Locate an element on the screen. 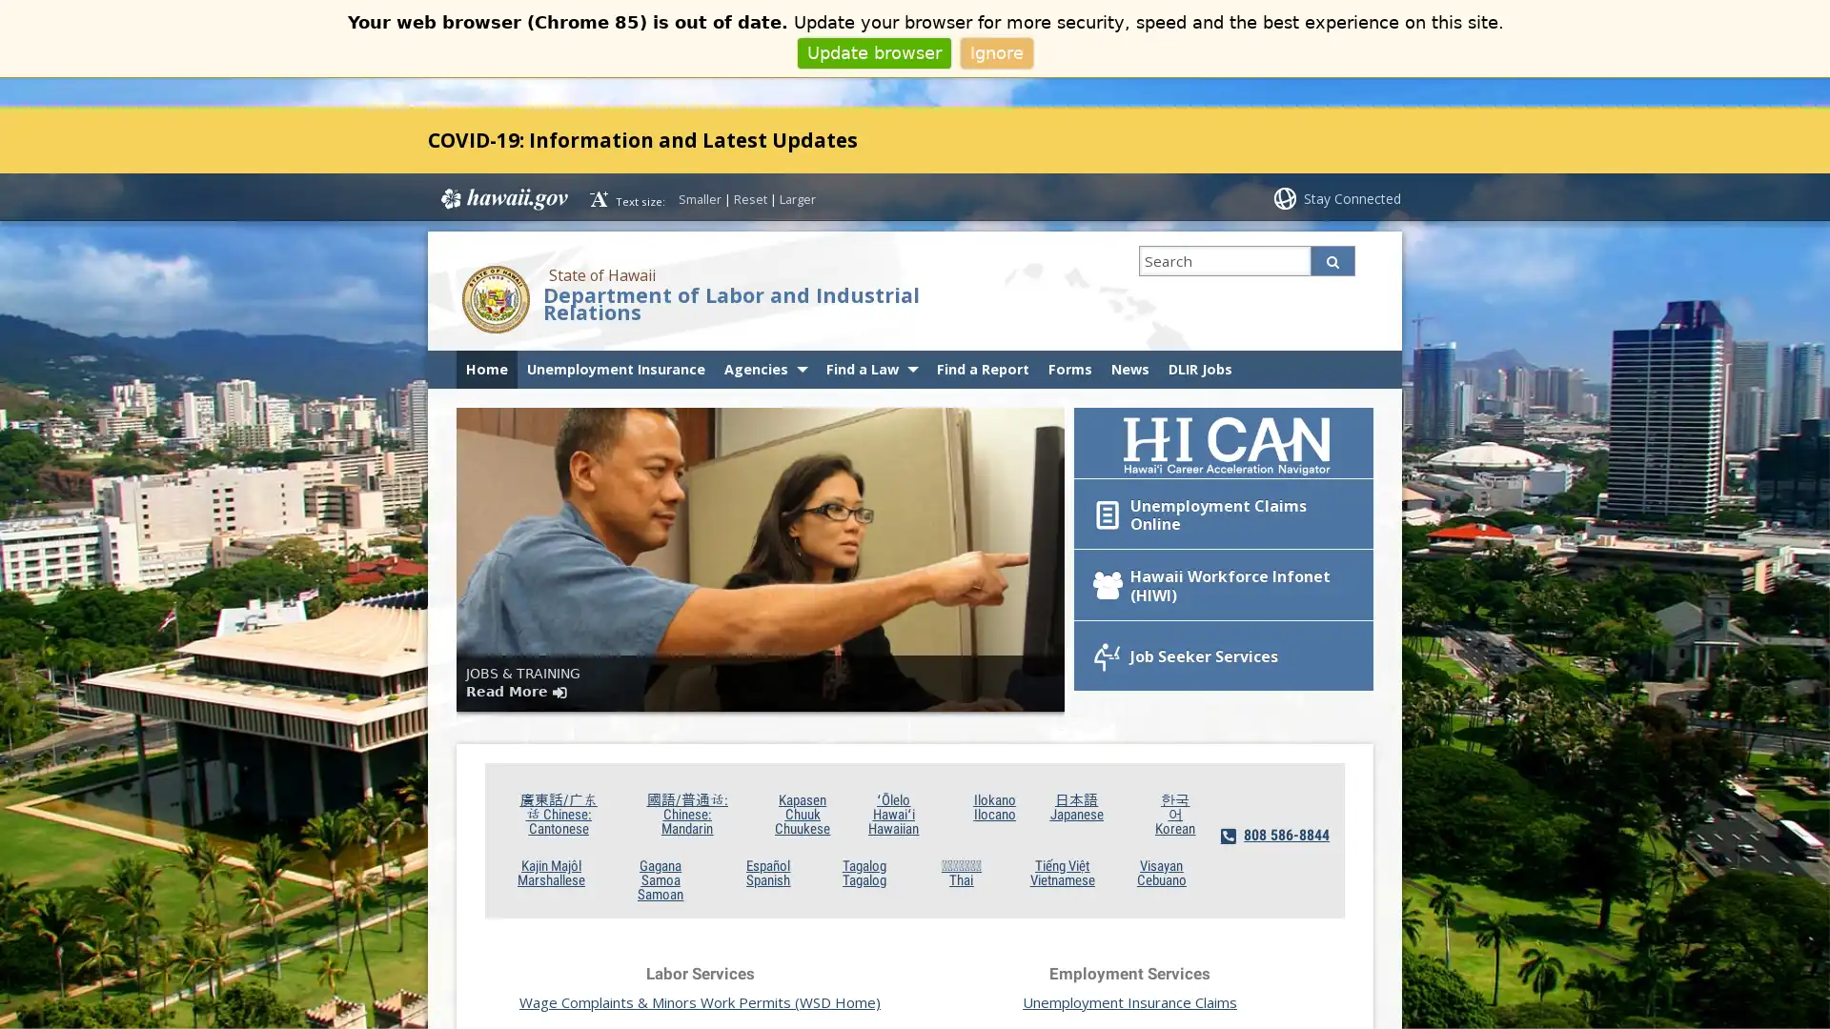  Thai is located at coordinates (961, 881).